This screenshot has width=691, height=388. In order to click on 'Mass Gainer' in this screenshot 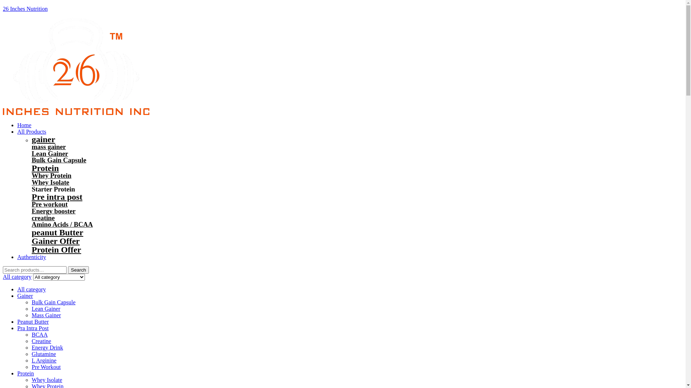, I will do `click(46, 315)`.